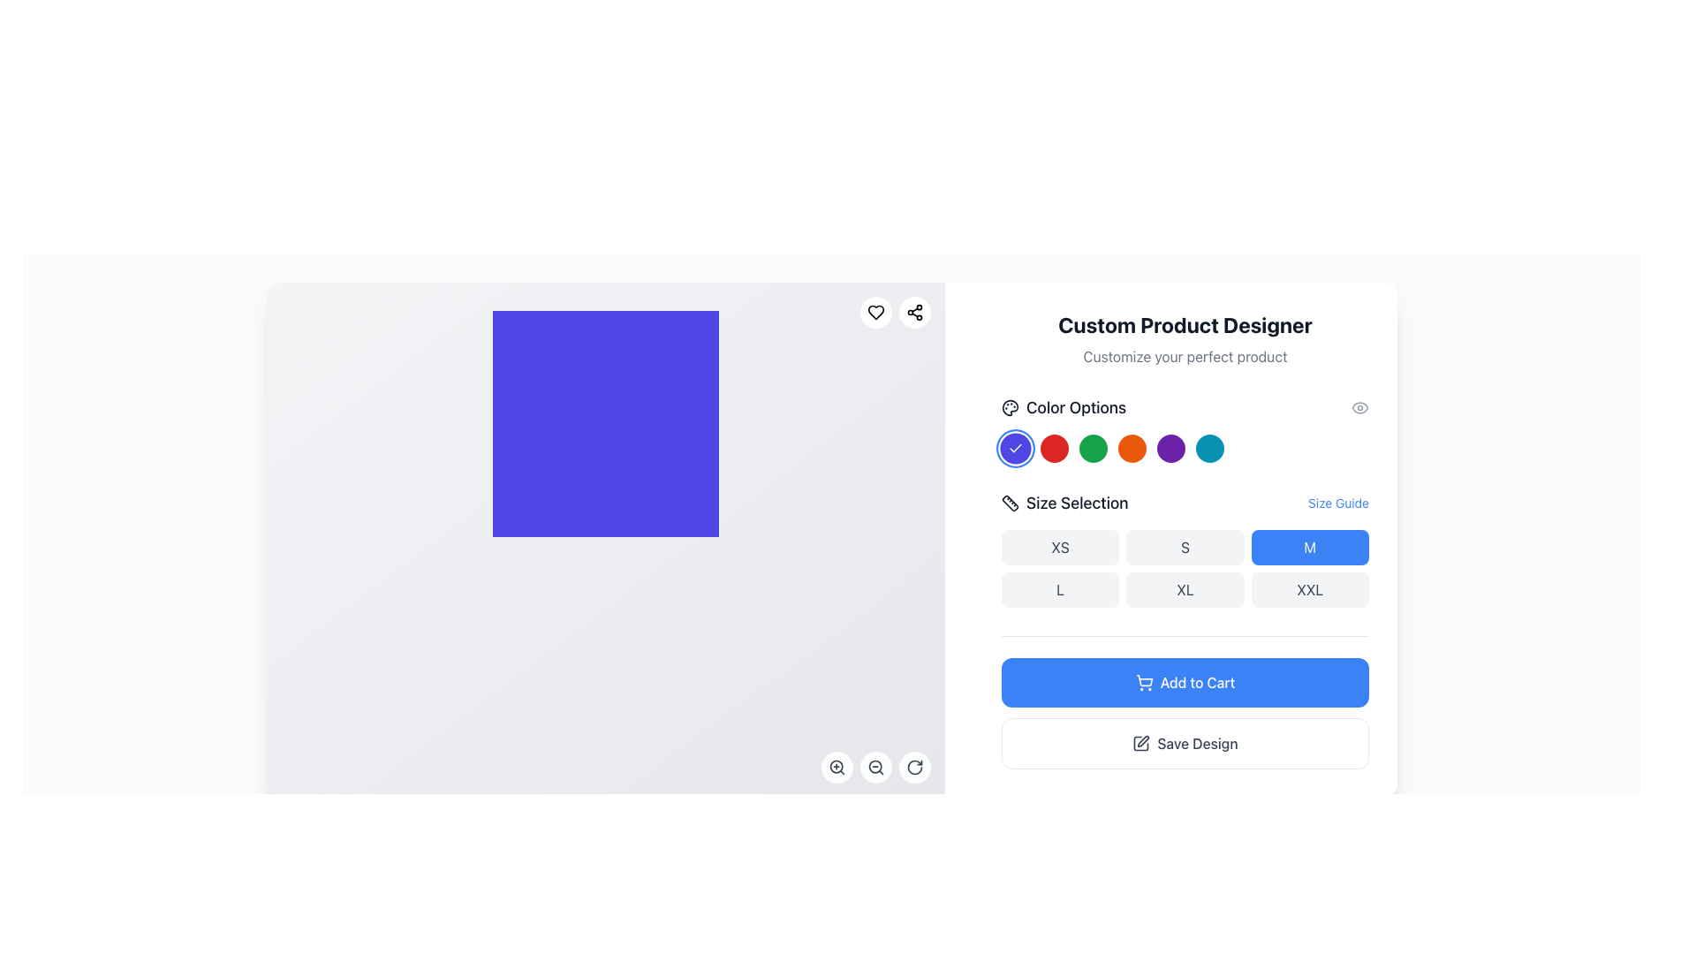  Describe the element at coordinates (1185, 700) in the screenshot. I see `the composite containing the 'Add to Cart' and 'Save Design' buttons` at that location.